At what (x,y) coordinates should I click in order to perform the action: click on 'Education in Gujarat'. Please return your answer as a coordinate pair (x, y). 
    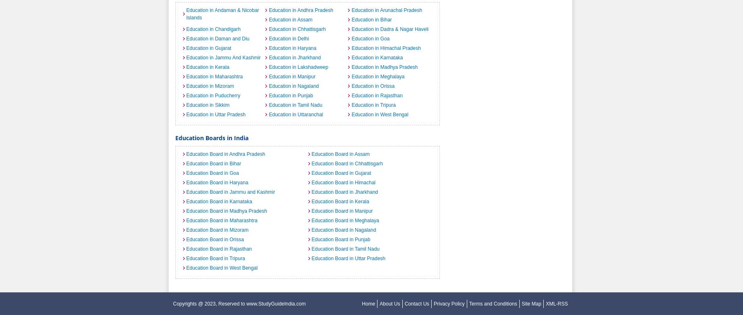
    Looking at the image, I should click on (208, 47).